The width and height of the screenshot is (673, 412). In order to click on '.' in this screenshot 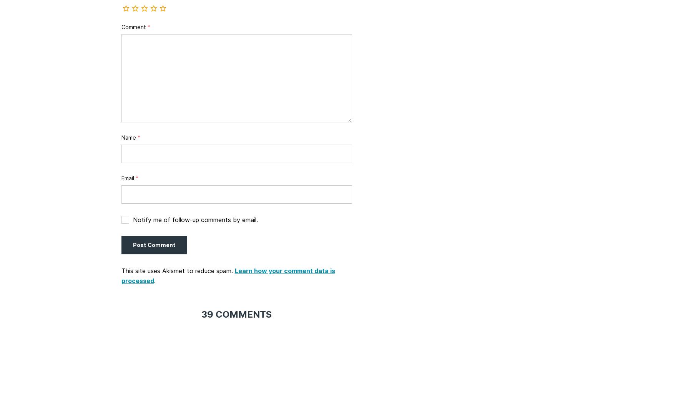, I will do `click(154, 280)`.